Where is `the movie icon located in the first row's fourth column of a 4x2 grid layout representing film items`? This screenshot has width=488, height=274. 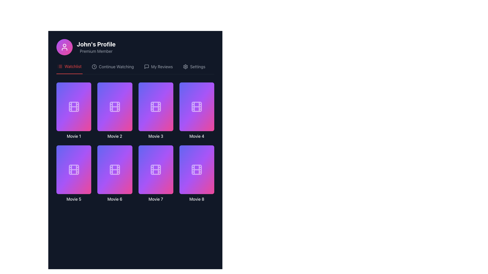
the movie icon located in the first row's fourth column of a 4x2 grid layout representing film items is located at coordinates (196, 106).